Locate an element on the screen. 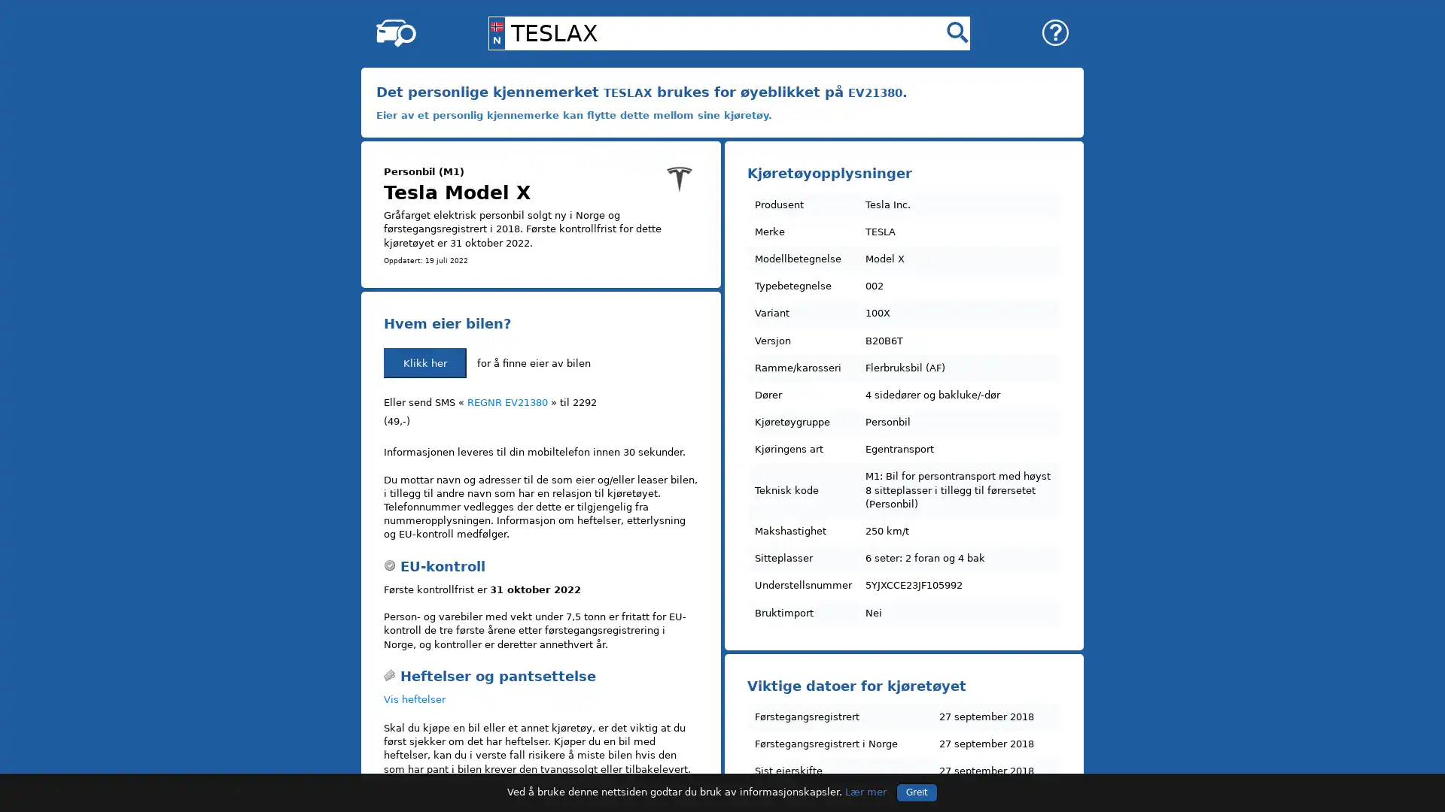  Klikk her is located at coordinates (424, 362).